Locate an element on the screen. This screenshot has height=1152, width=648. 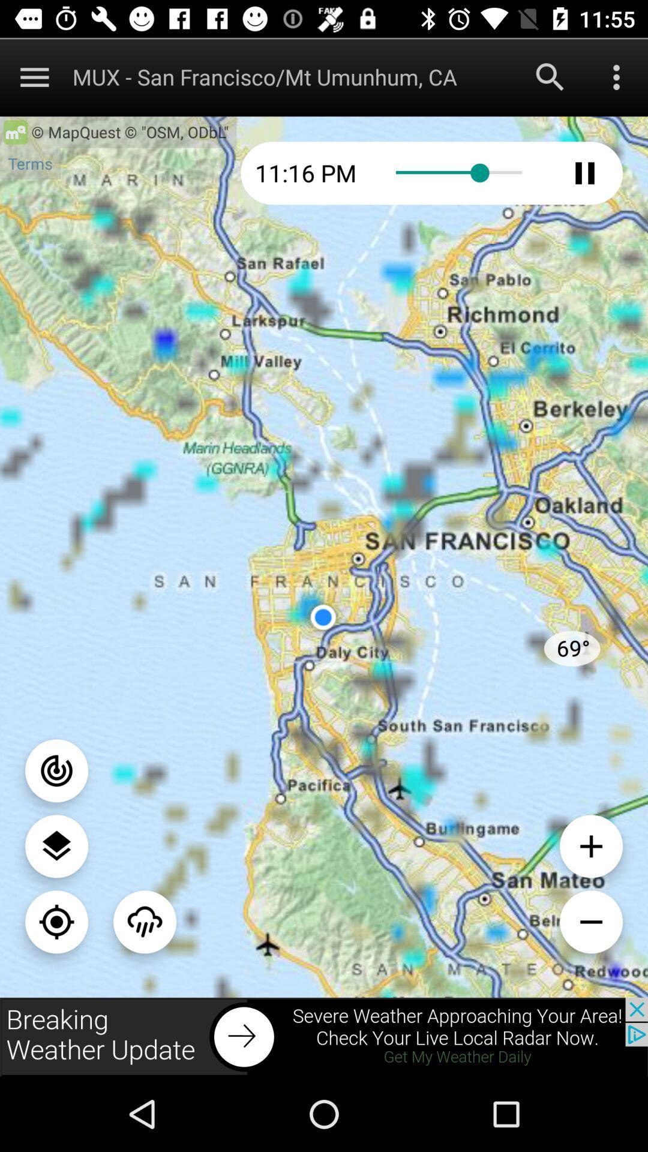
to more options open to more options is located at coordinates (616, 76).